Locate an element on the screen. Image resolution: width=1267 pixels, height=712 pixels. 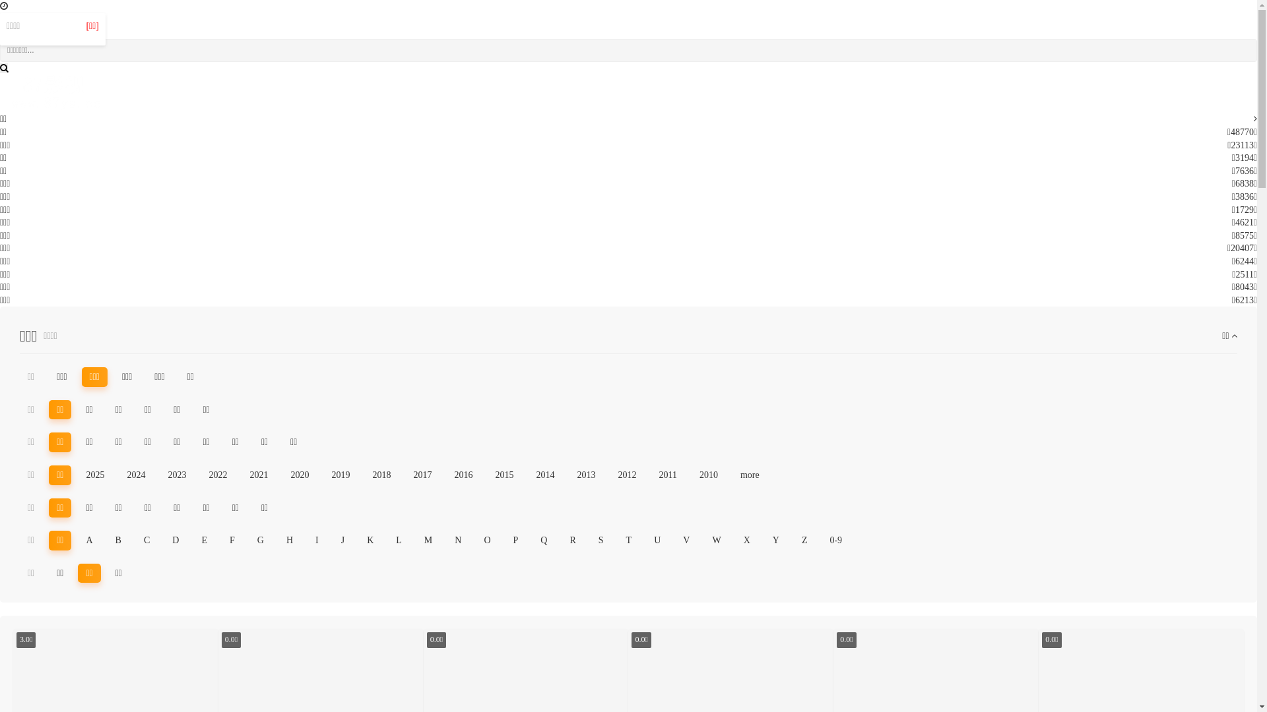
'B' is located at coordinates (118, 541).